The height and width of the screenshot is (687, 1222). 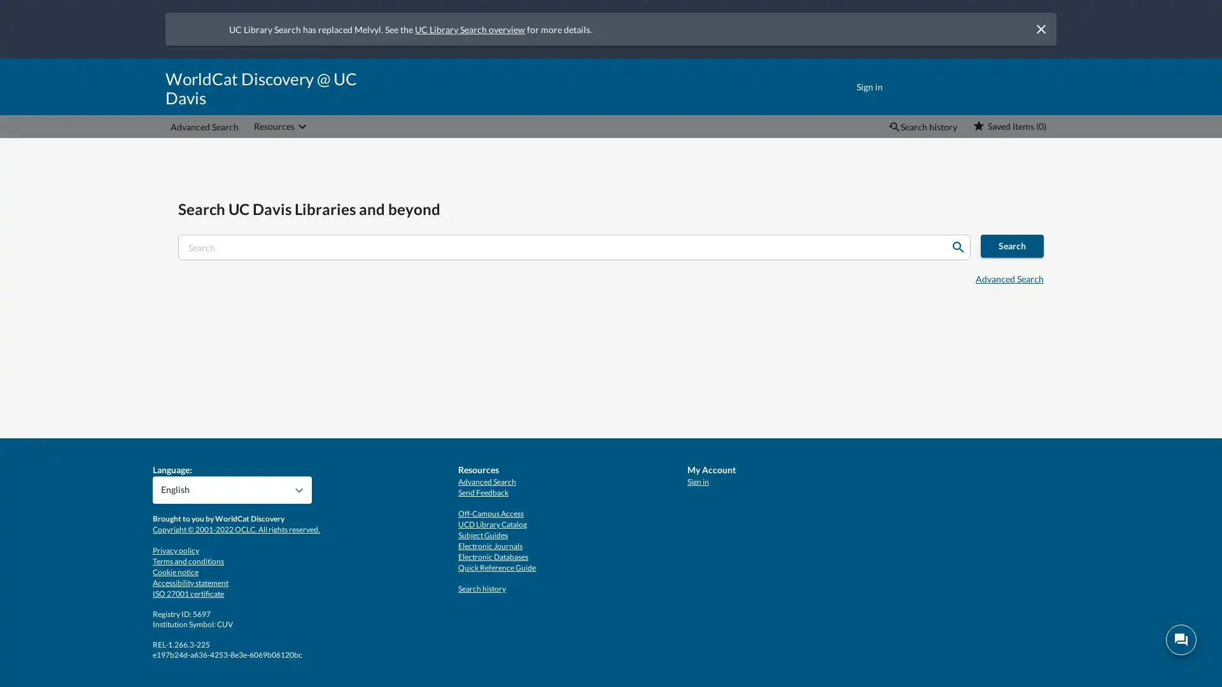 What do you see at coordinates (1181, 640) in the screenshot?
I see `Chat with Librarian` at bounding box center [1181, 640].